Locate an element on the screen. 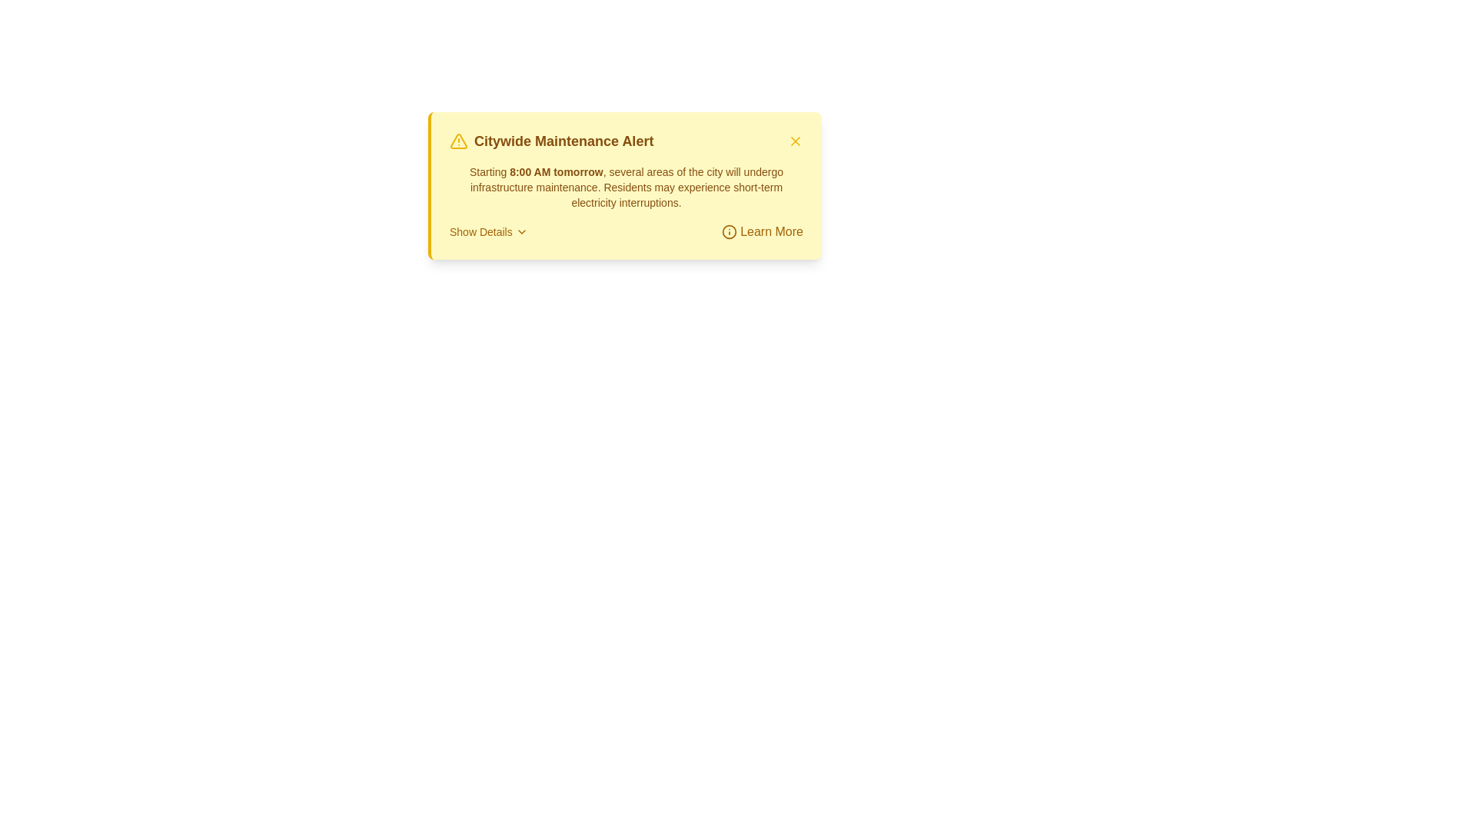  the Text Label that serves as a header for the warning message box, located in the top-left area adjacent to the alert icon is located at coordinates (551, 141).